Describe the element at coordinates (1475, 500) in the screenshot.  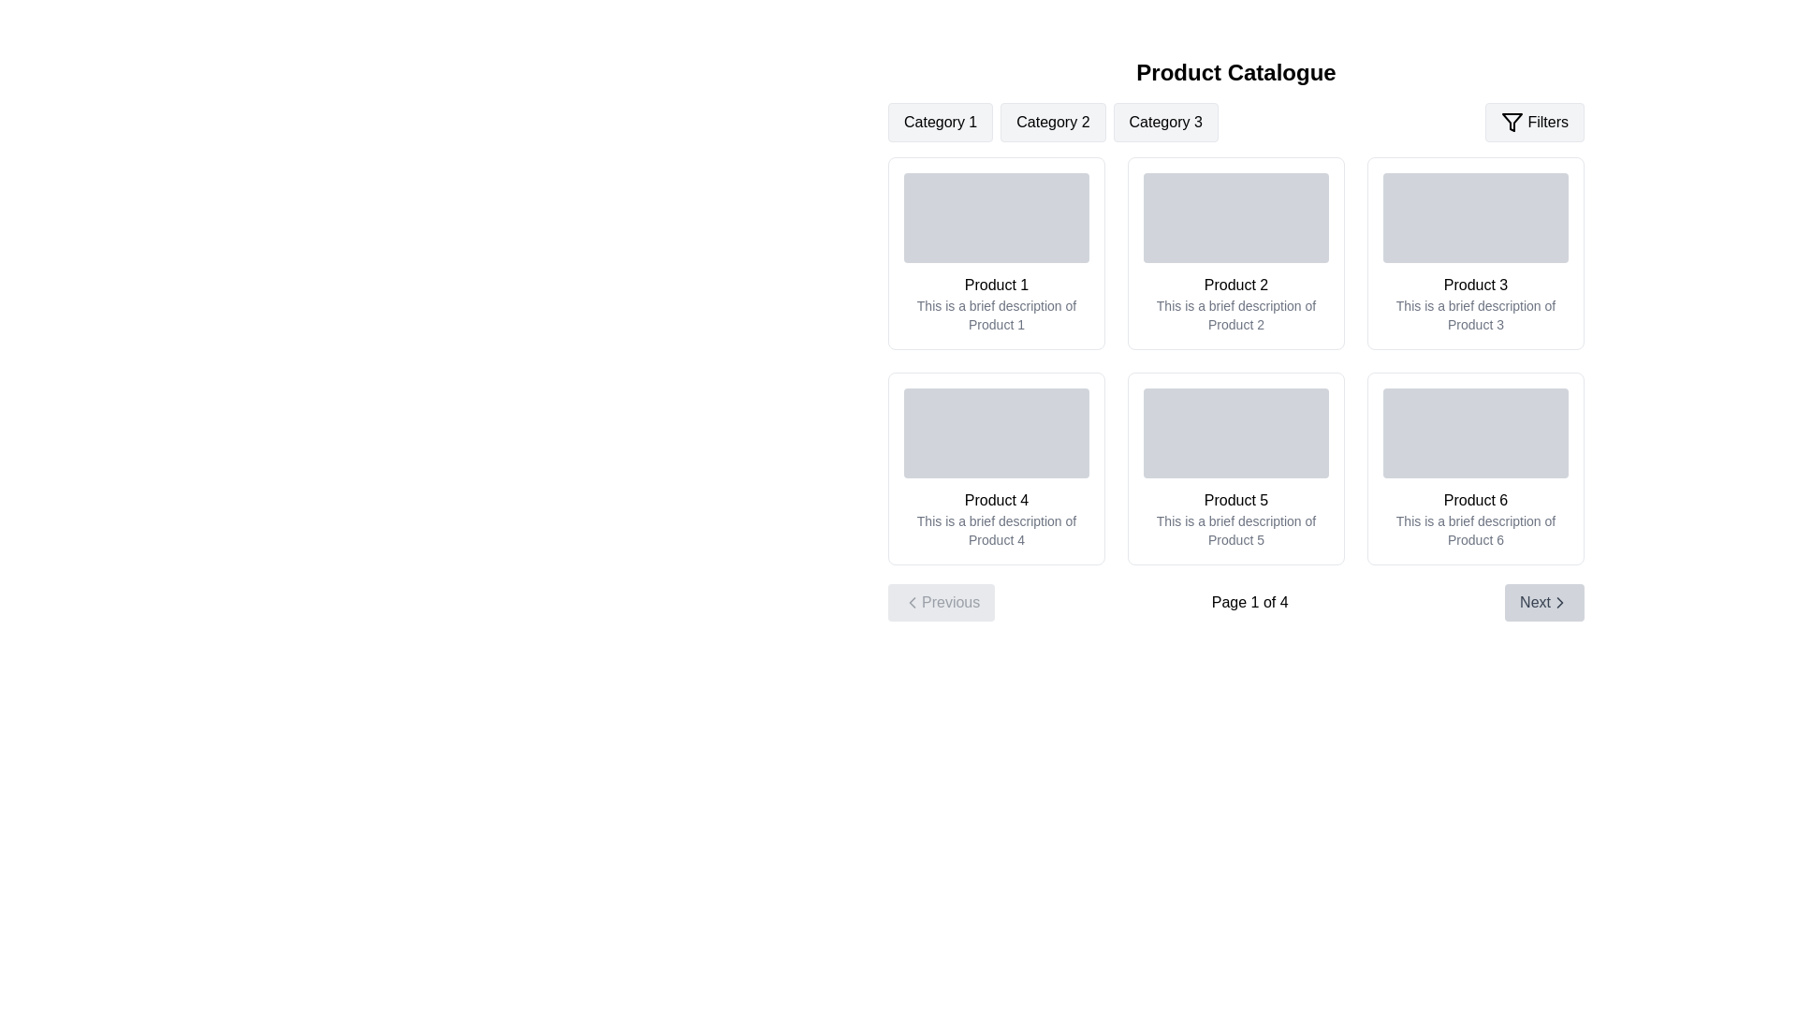
I see `the text block that reads 'Product 6', which is styled with medium font weight and centered alignment, located in the bottom right corner of a 3x2 grid layout, directly below a gray placeholder image` at that location.